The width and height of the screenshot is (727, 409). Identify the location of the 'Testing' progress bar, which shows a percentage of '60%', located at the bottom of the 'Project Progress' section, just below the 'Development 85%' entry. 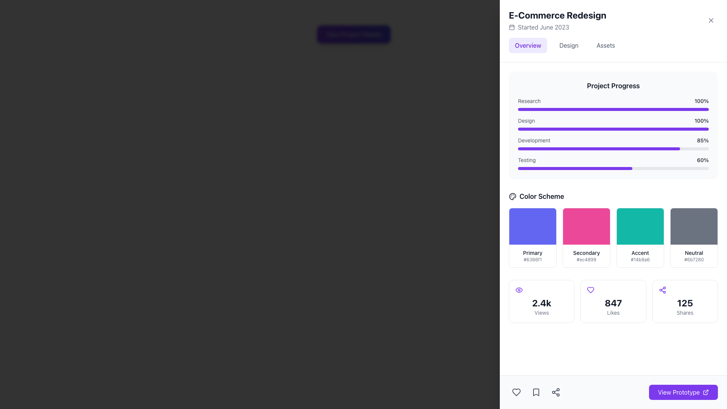
(613, 163).